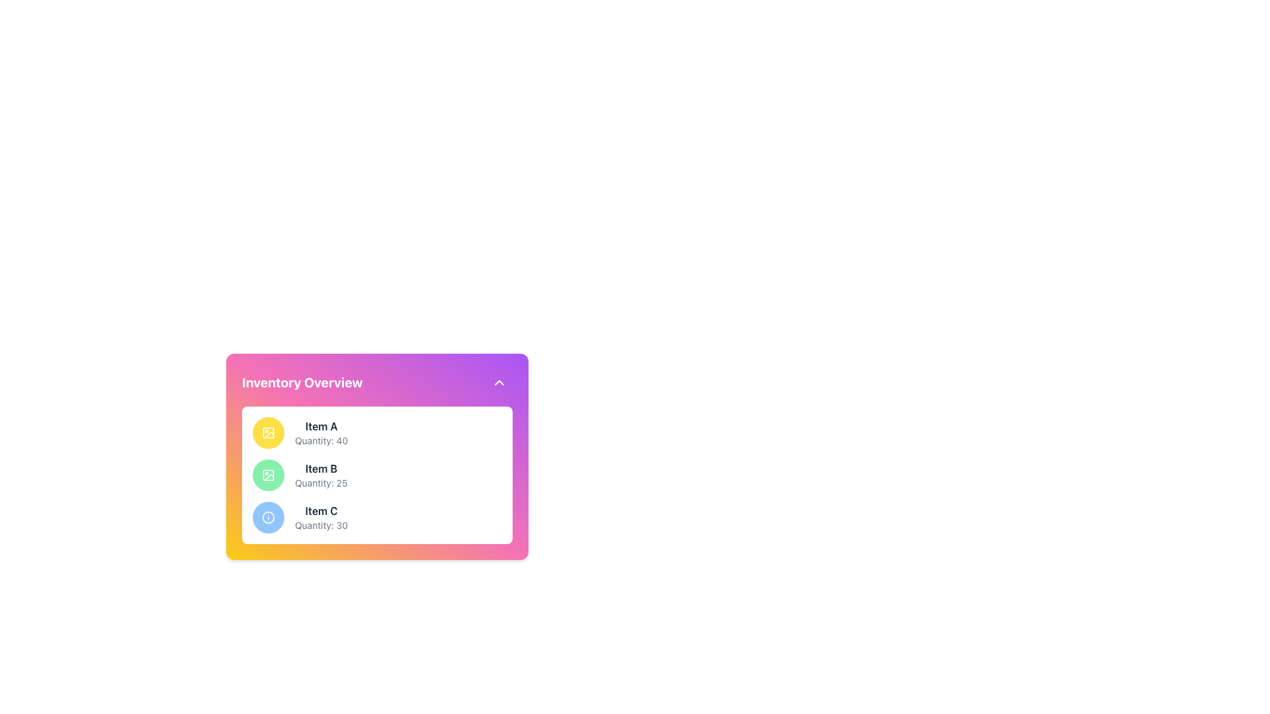 The image size is (1270, 714). I want to click on the circular graphic icon representing 'Item C' in the Inventory Overview, which is the third icon in the vertical list, so click(268, 517).